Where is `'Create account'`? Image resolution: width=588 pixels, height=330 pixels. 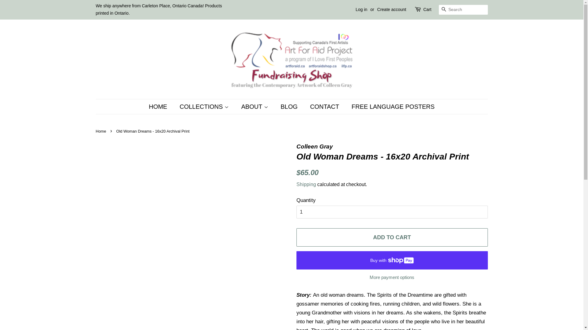 'Create account' is located at coordinates (377, 9).